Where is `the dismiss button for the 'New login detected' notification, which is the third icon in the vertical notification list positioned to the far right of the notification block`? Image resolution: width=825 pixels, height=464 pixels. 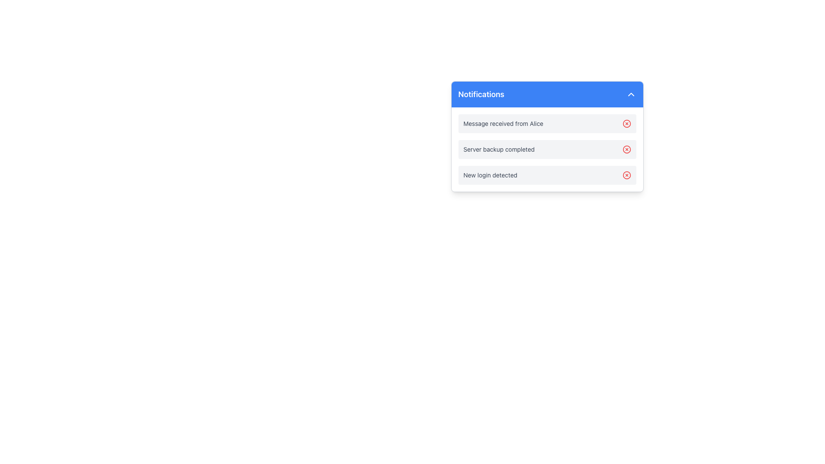
the dismiss button for the 'New login detected' notification, which is the third icon in the vertical notification list positioned to the far right of the notification block is located at coordinates (626, 175).